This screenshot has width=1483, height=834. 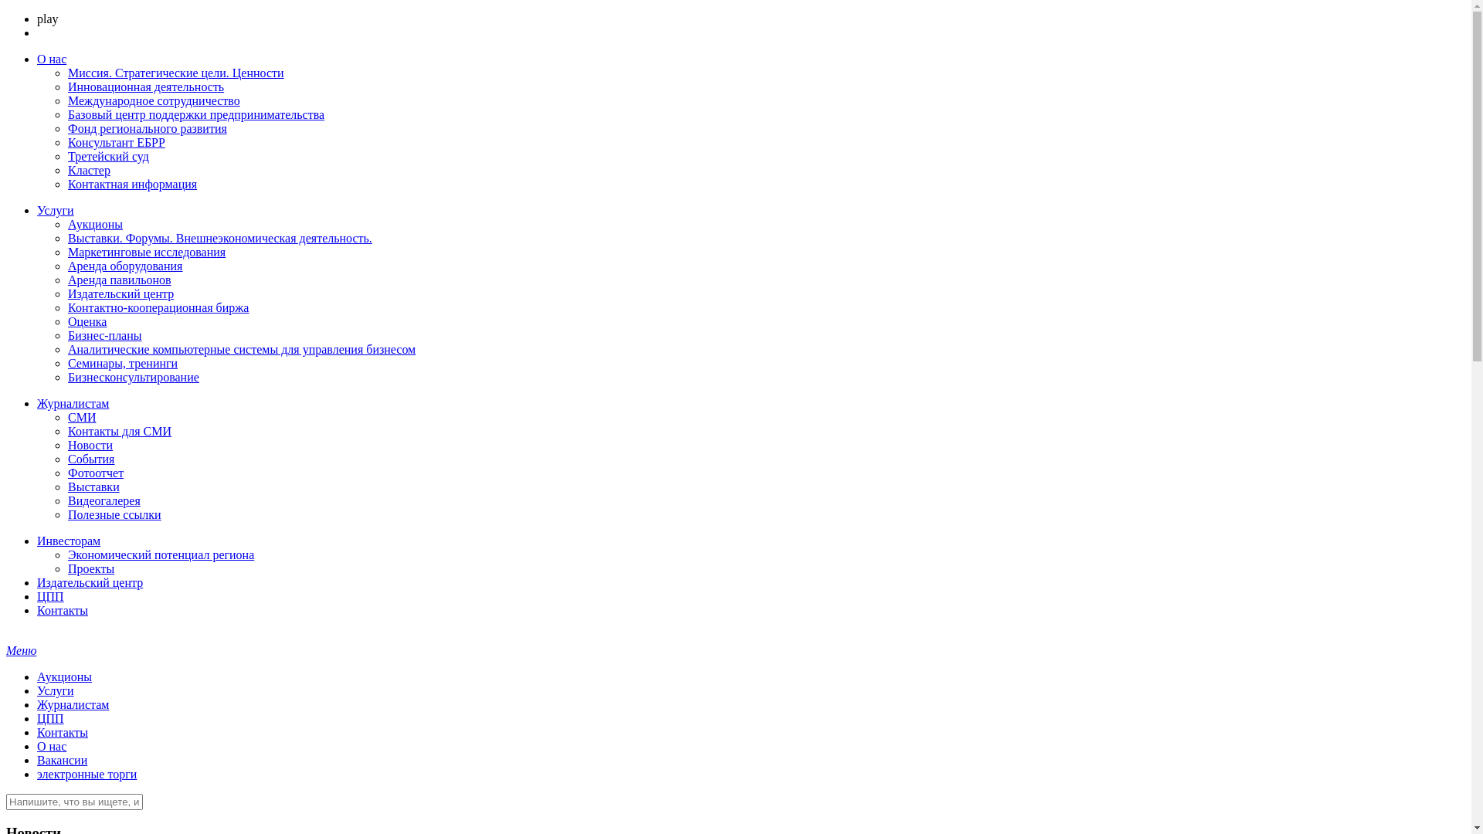 What do you see at coordinates (37, 19) in the screenshot?
I see `'play'` at bounding box center [37, 19].